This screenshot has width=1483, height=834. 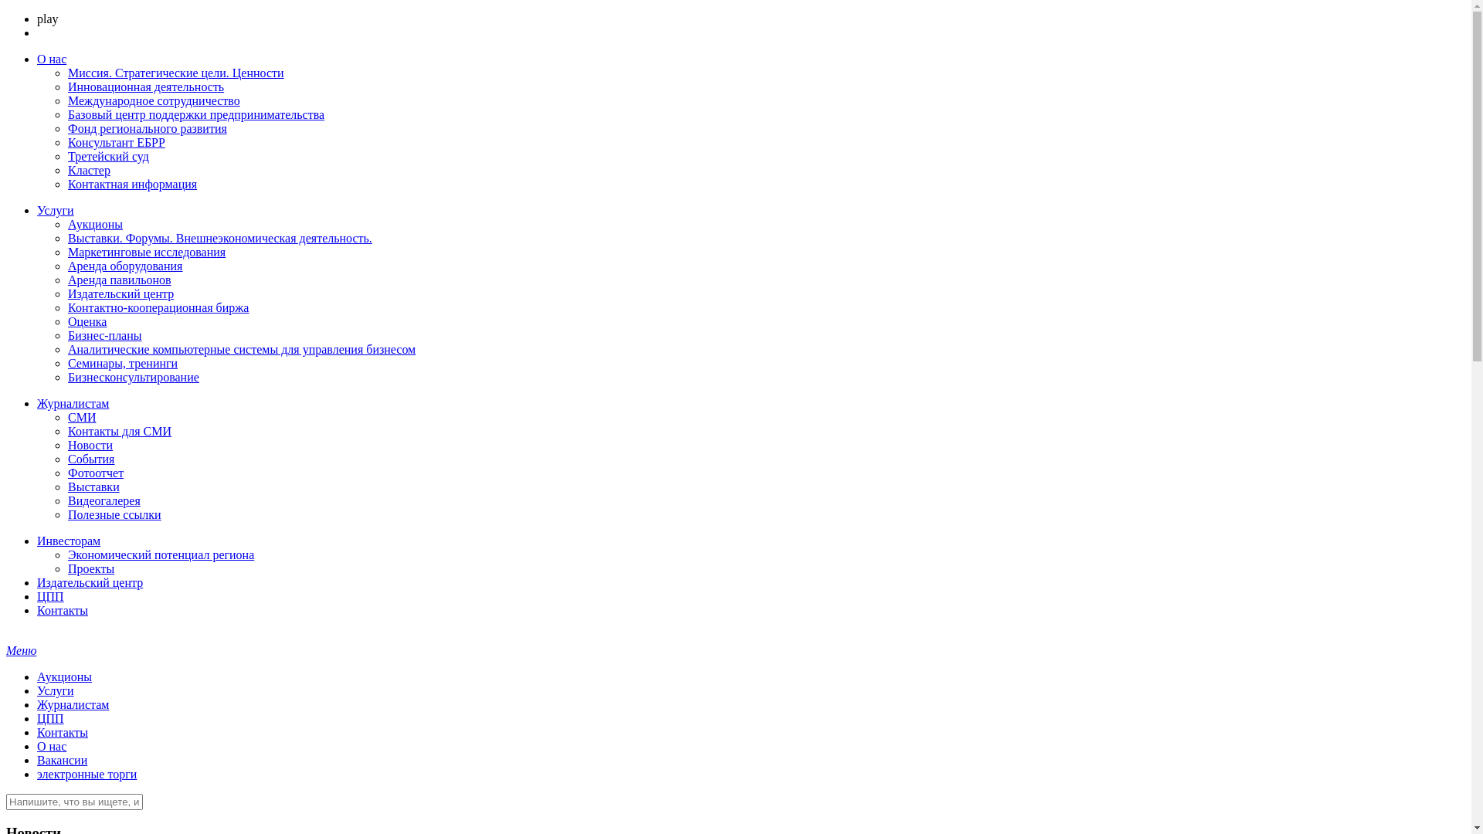 What do you see at coordinates (37, 19) in the screenshot?
I see `'play'` at bounding box center [37, 19].